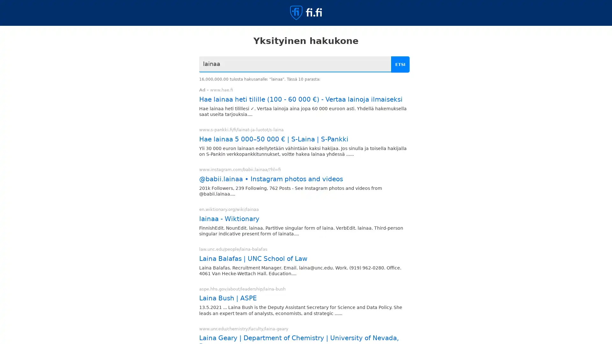 This screenshot has width=612, height=344. What do you see at coordinates (401, 64) in the screenshot?
I see `ETSI` at bounding box center [401, 64].